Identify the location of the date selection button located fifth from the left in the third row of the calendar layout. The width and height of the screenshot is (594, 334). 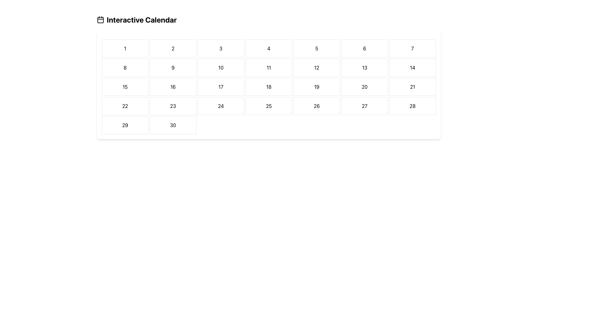
(364, 87).